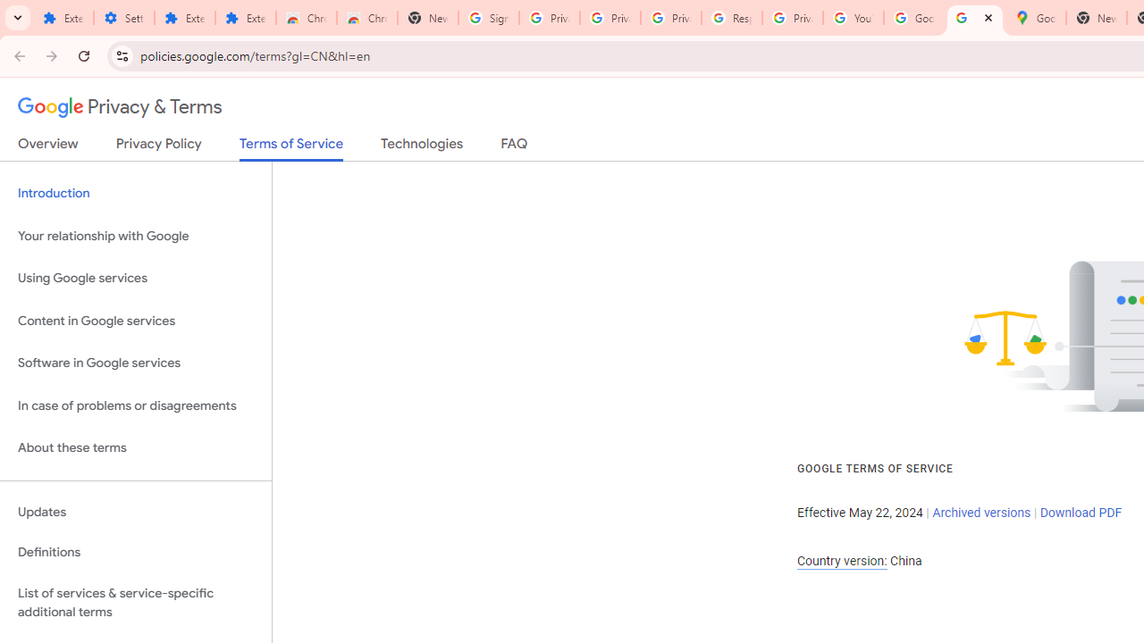 The width and height of the screenshot is (1144, 643). Describe the element at coordinates (184, 18) in the screenshot. I see `'Extensions'` at that location.